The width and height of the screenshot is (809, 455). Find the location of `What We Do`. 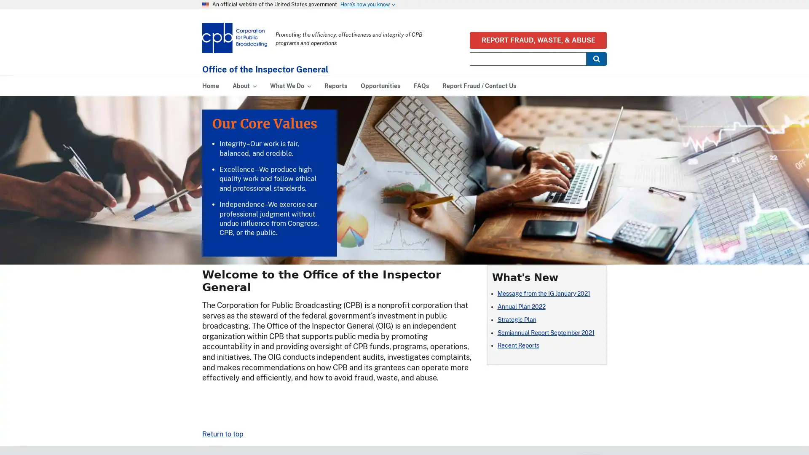

What We Do is located at coordinates (290, 86).